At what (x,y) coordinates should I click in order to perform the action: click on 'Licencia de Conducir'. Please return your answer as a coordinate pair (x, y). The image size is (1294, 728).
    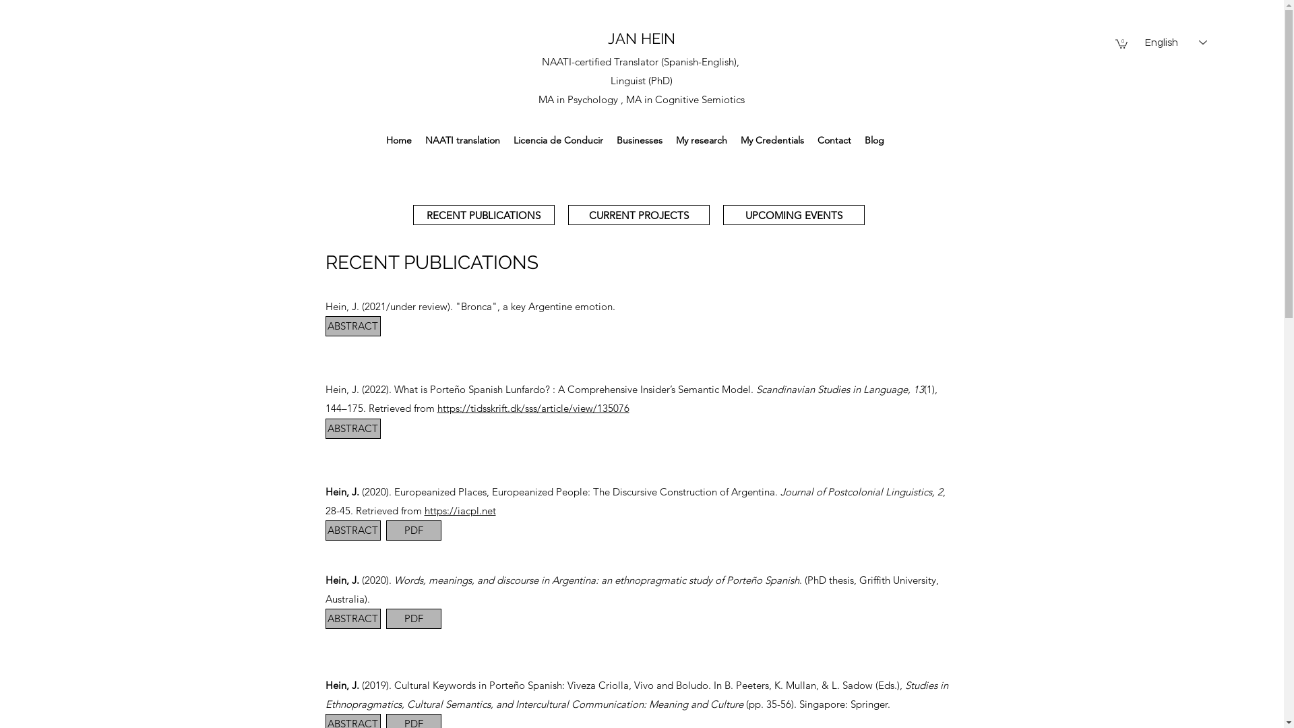
    Looking at the image, I should click on (558, 140).